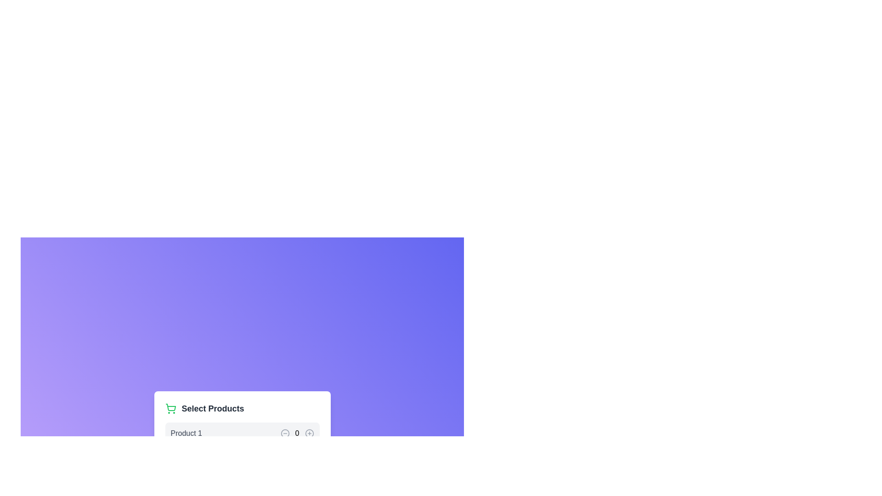 The height and width of the screenshot is (496, 882). What do you see at coordinates (284, 459) in the screenshot?
I see `the circular minus button styled in gray that turns red when hovered, located to the left of the number 0 and right of 'Product 1'` at bounding box center [284, 459].